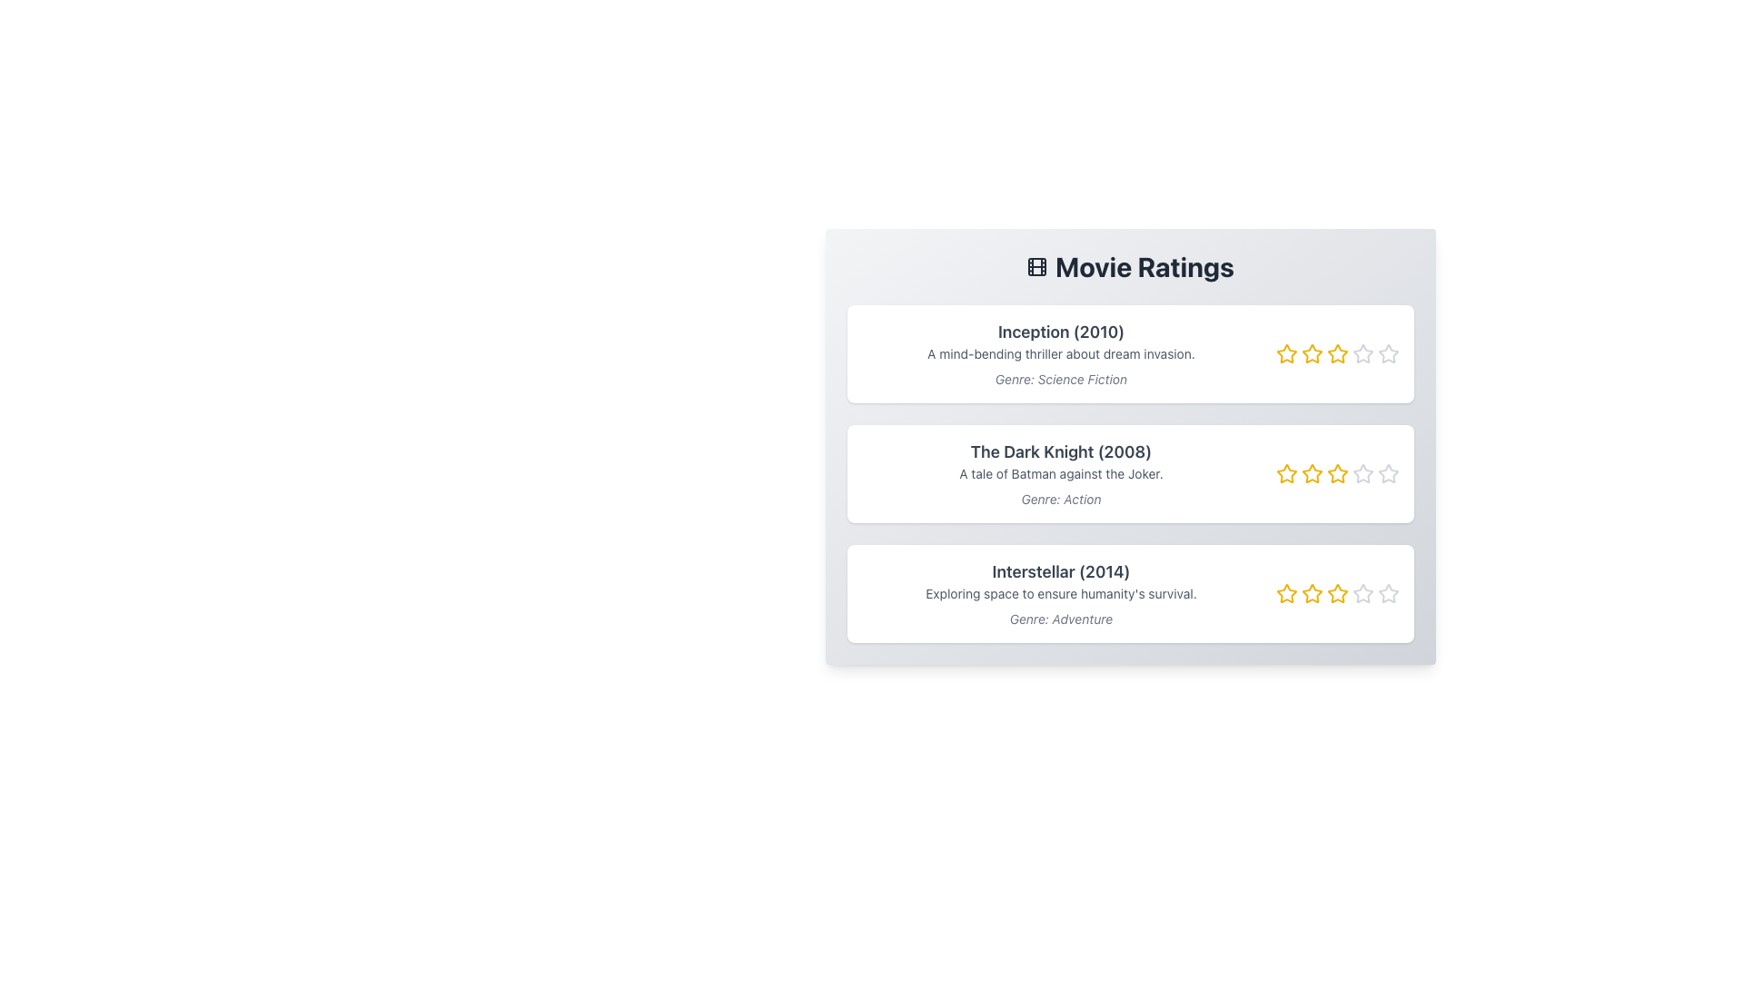 Image resolution: width=1744 pixels, height=981 pixels. What do you see at coordinates (1061, 472) in the screenshot?
I see `the text label that reads 'A tale of Batman against the Joker.' located below the title 'The Dark Knight (2008)' and above the genre 'Genre: Action' within the movie entry card` at bounding box center [1061, 472].